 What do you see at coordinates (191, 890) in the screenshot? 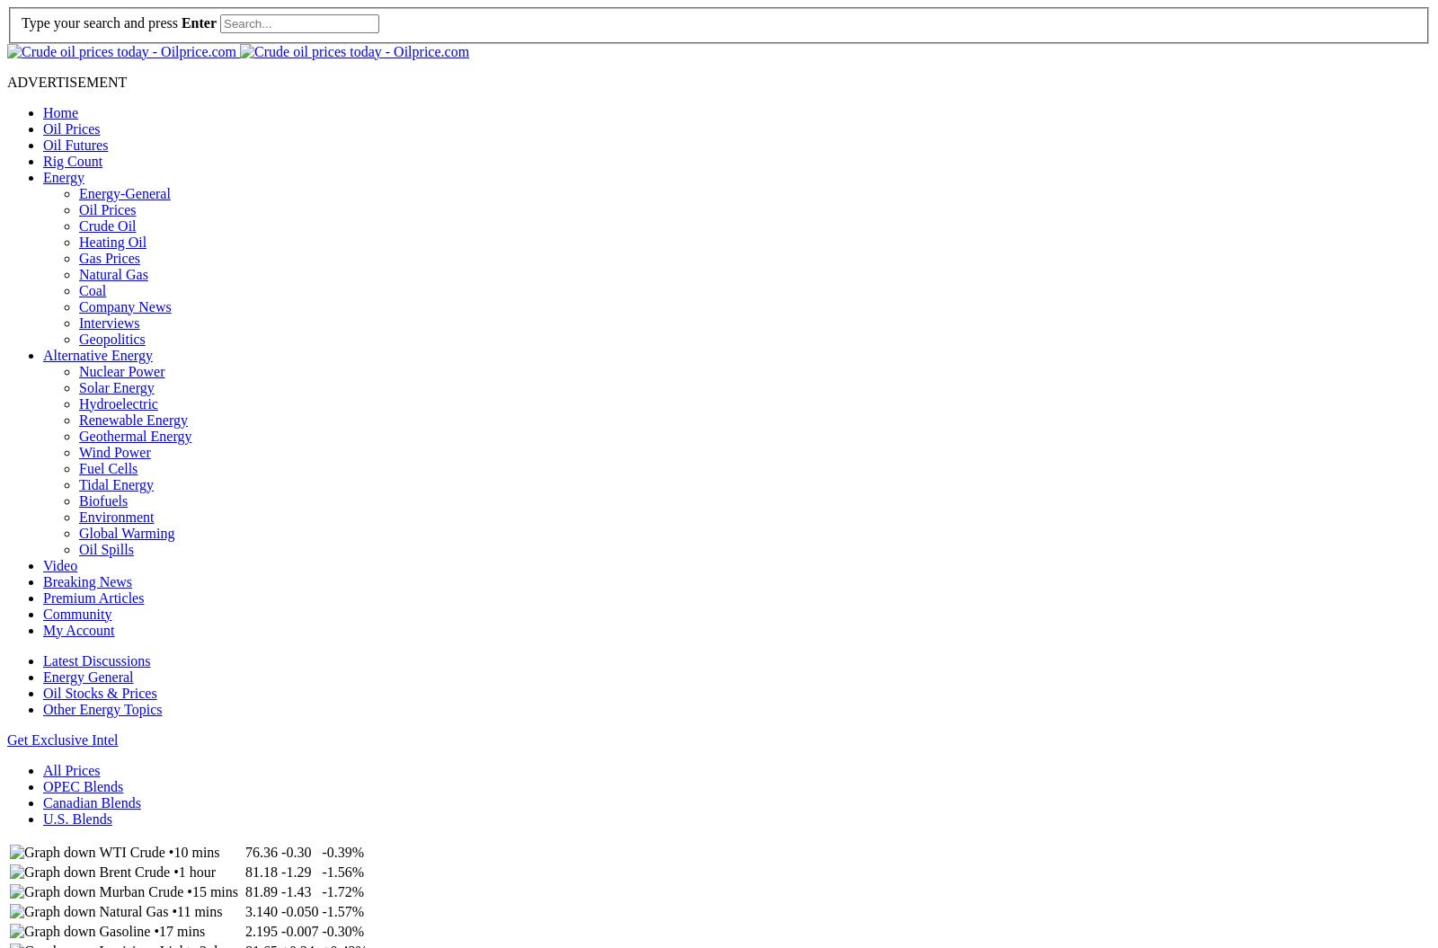
I see `'15 mins'` at bounding box center [191, 890].